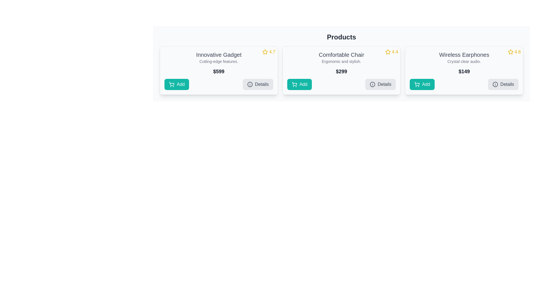 This screenshot has height=302, width=537. I want to click on the gold-colored star icon located at the top-right corner of the 'Comfortable Chair' card, which is part of the rating indicator group, so click(388, 52).